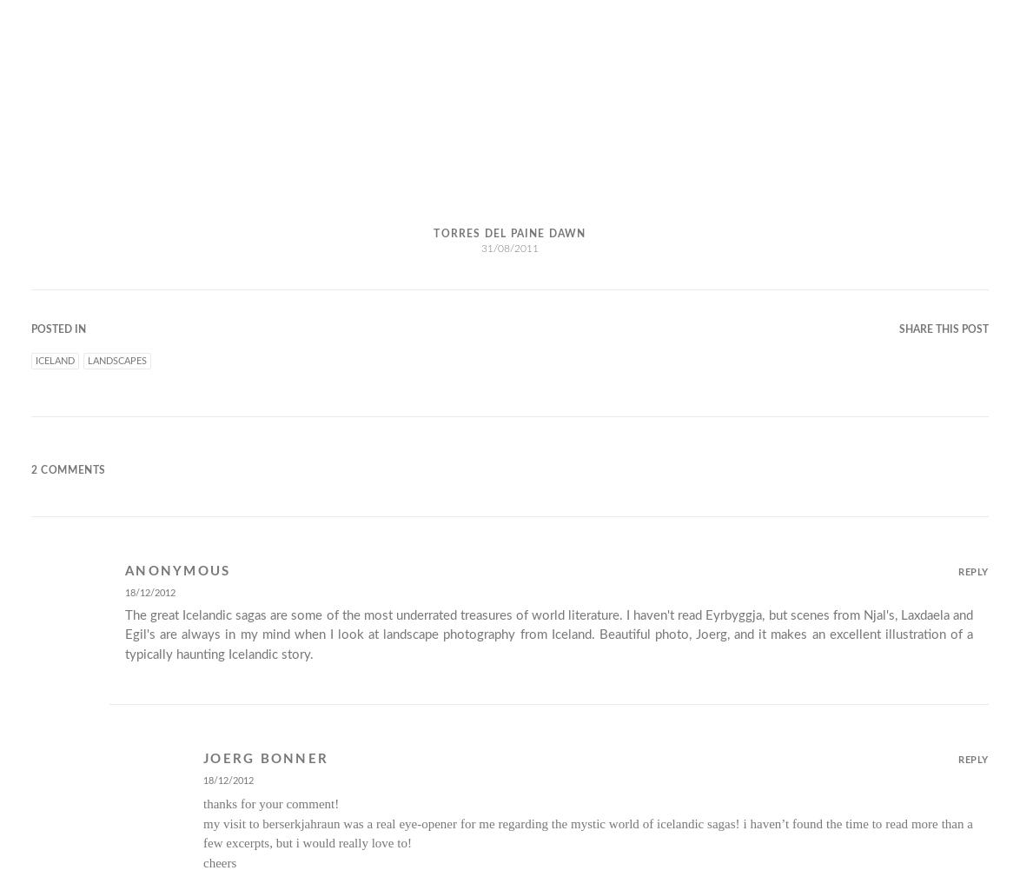 The height and width of the screenshot is (877, 1020). Describe the element at coordinates (58, 328) in the screenshot. I see `'Posted in'` at that location.